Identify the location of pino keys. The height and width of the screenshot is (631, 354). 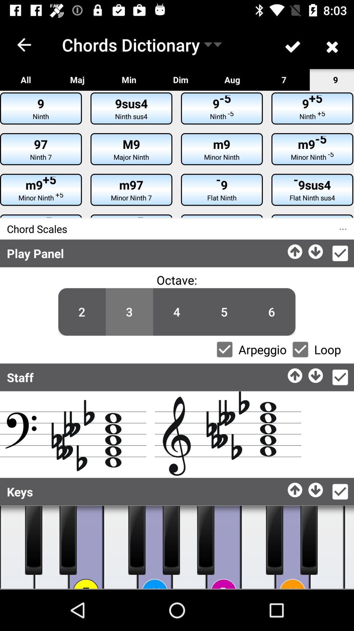
(171, 540).